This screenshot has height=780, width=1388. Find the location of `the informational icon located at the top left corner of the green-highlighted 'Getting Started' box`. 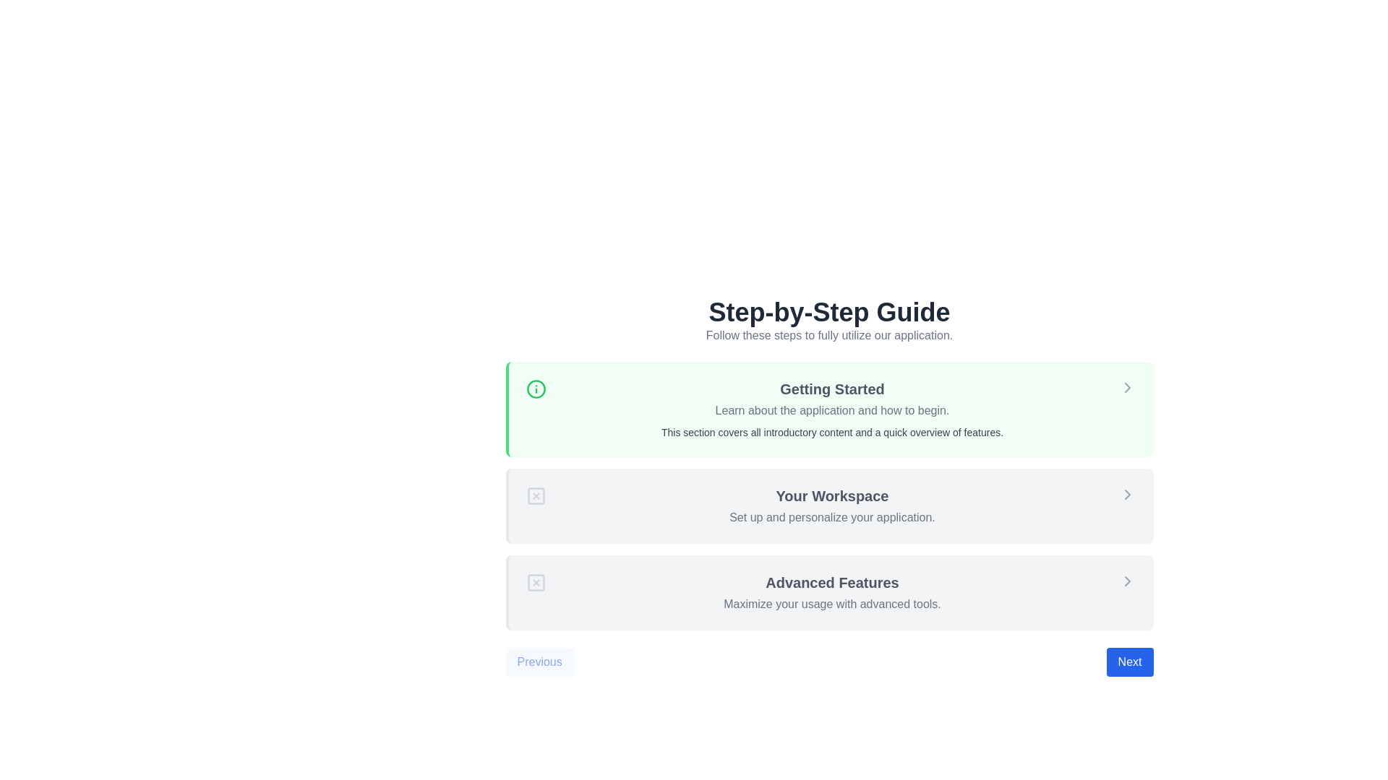

the informational icon located at the top left corner of the green-highlighted 'Getting Started' box is located at coordinates (535, 389).